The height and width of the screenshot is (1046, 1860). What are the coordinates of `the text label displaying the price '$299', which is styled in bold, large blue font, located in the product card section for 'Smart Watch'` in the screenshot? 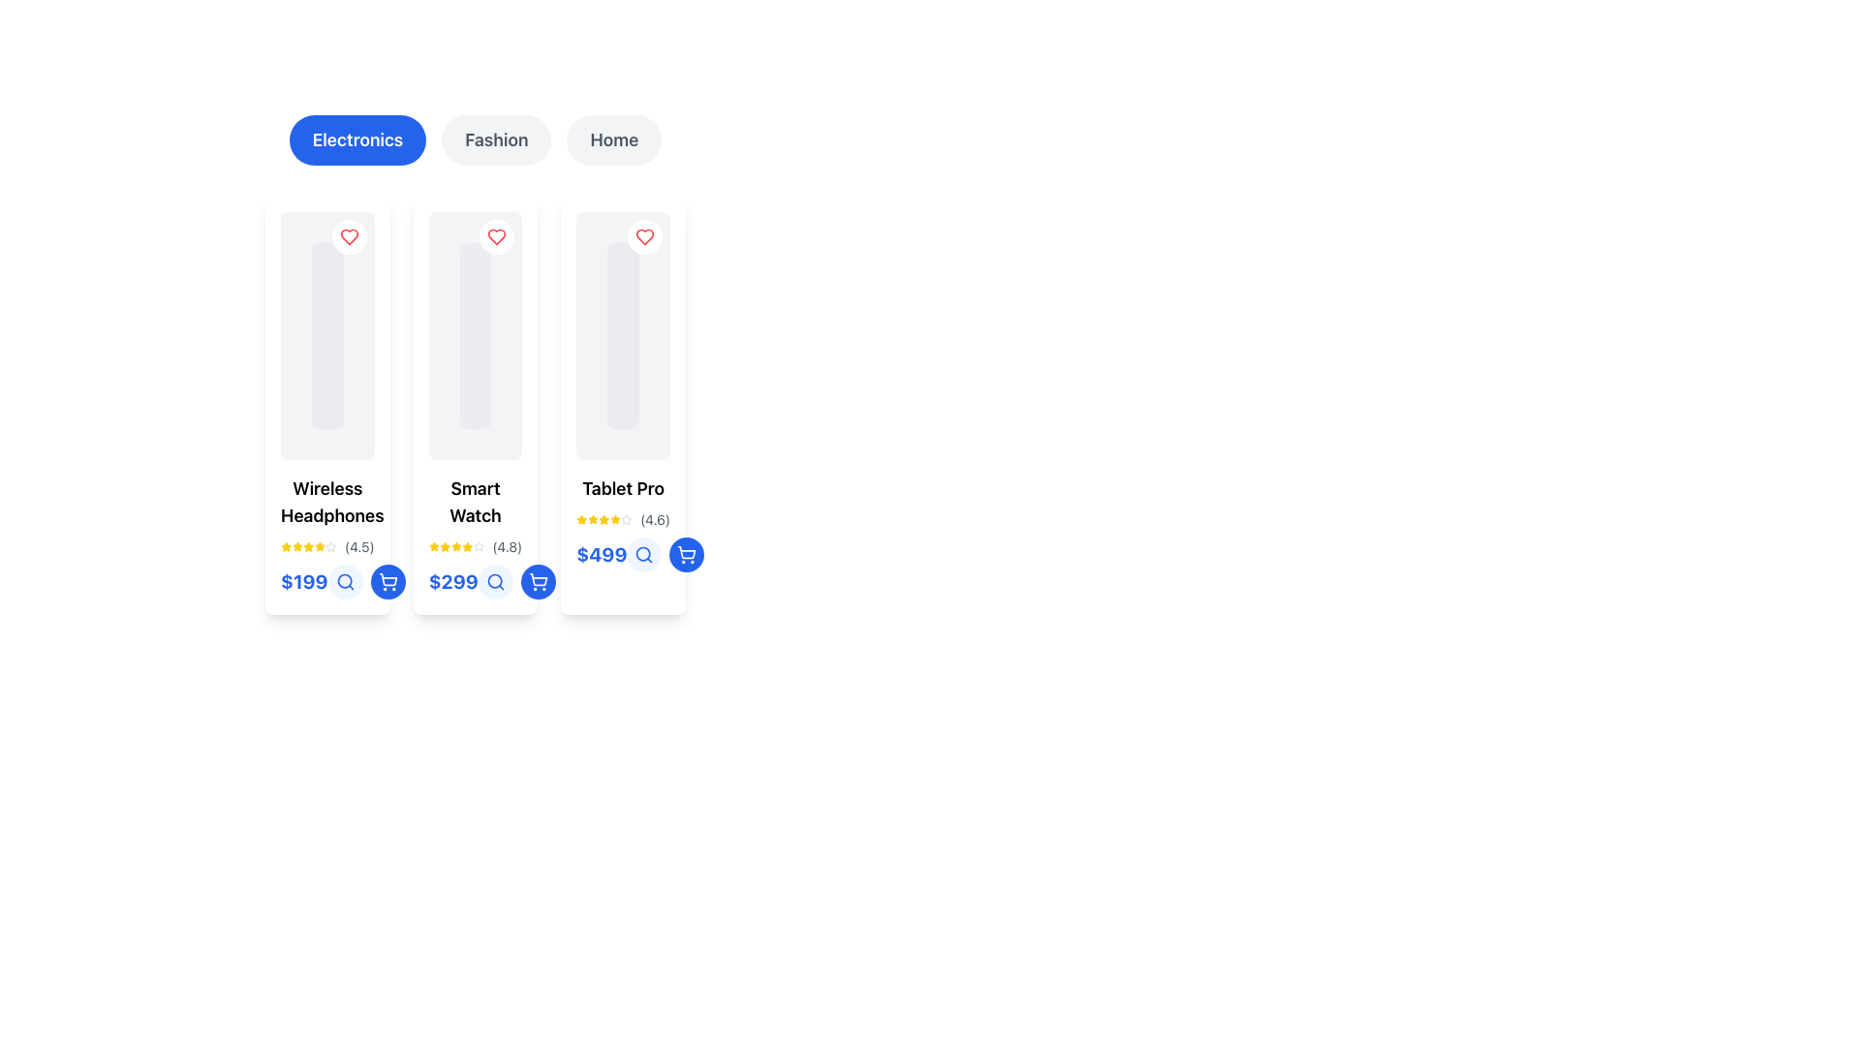 It's located at (452, 581).